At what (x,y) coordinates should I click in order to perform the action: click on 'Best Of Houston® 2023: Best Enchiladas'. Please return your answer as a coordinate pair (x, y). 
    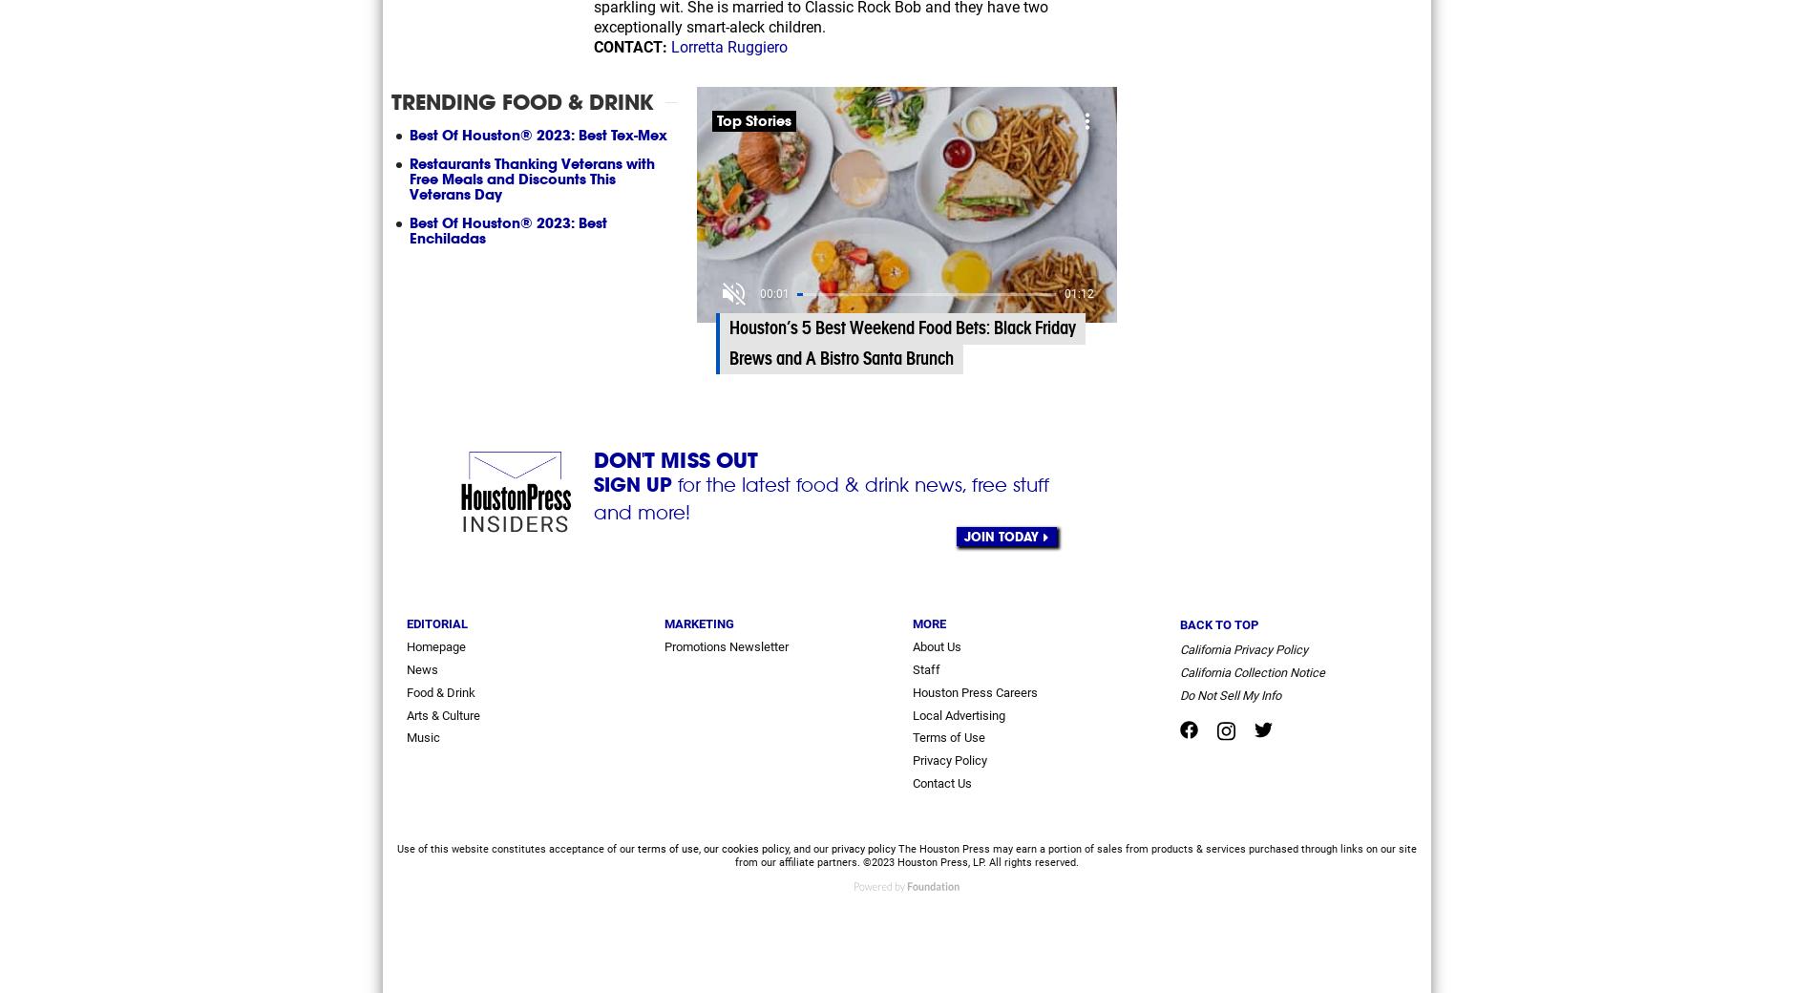
    Looking at the image, I should click on (409, 229).